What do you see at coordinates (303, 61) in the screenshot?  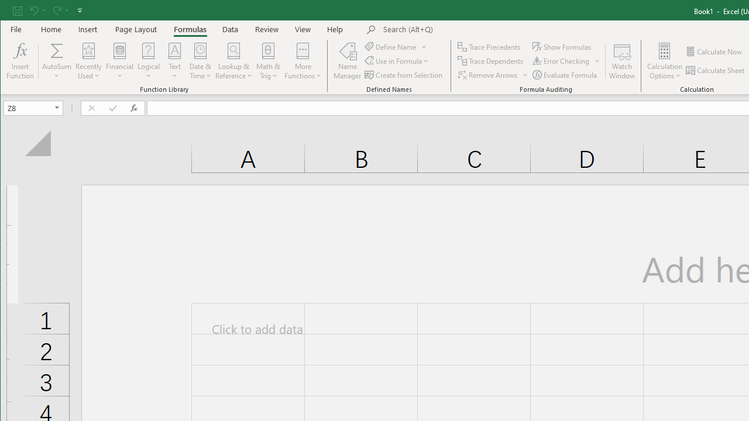 I see `'More Functions'` at bounding box center [303, 61].